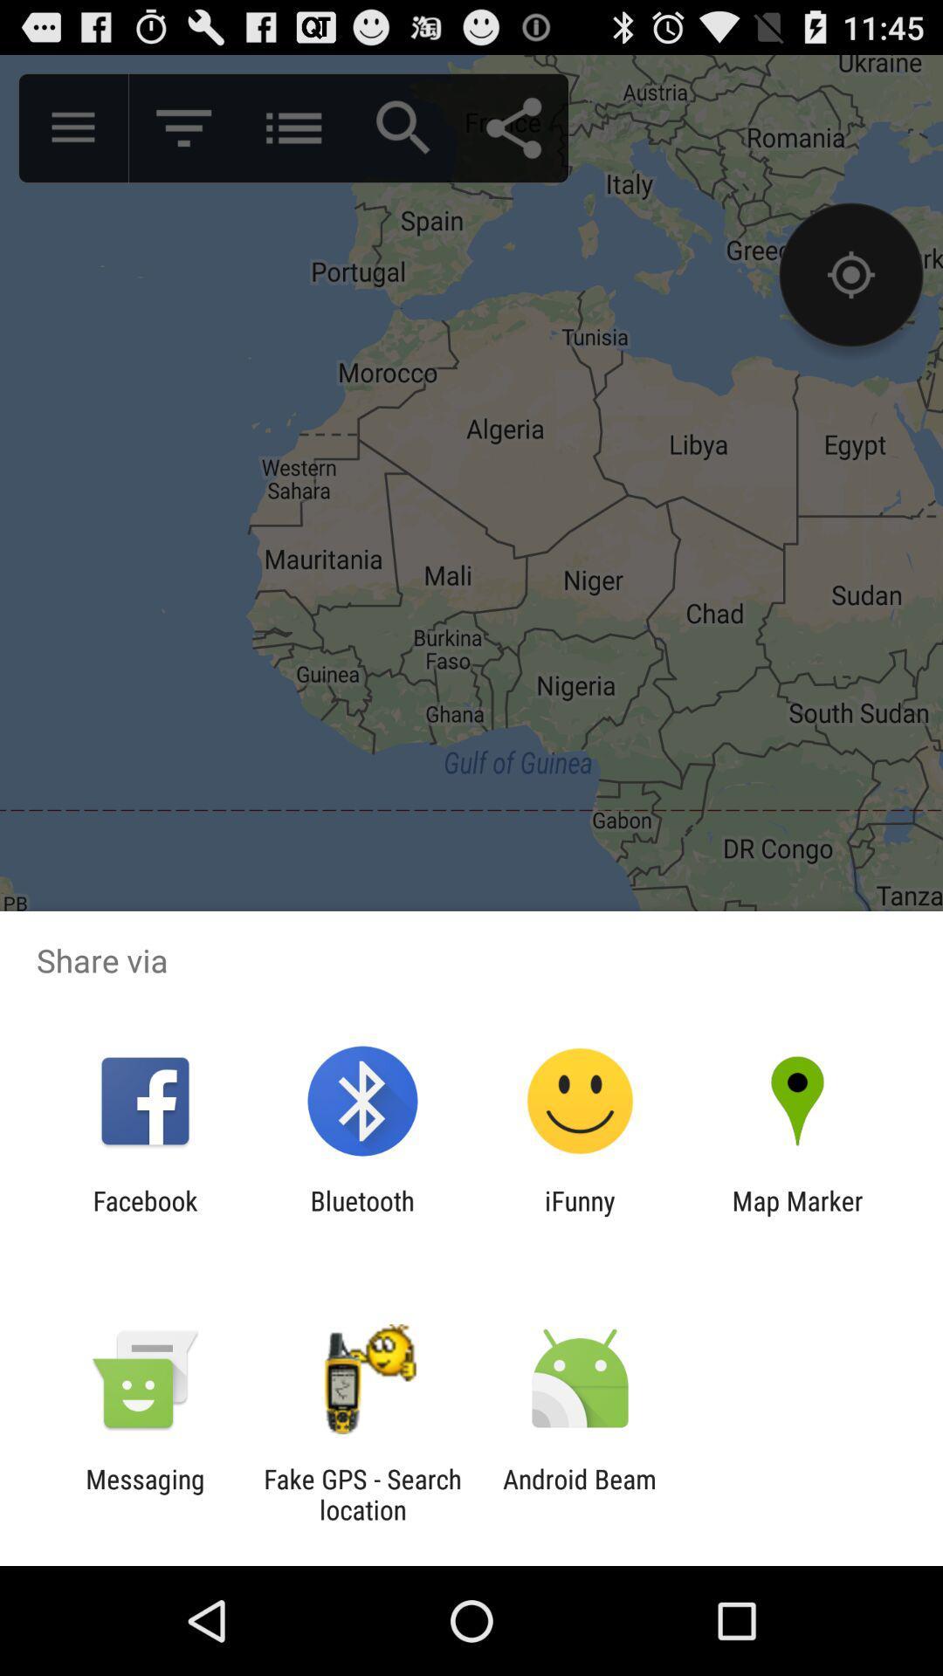 This screenshot has width=943, height=1676. I want to click on app to the left of the ifunny item, so click(361, 1215).